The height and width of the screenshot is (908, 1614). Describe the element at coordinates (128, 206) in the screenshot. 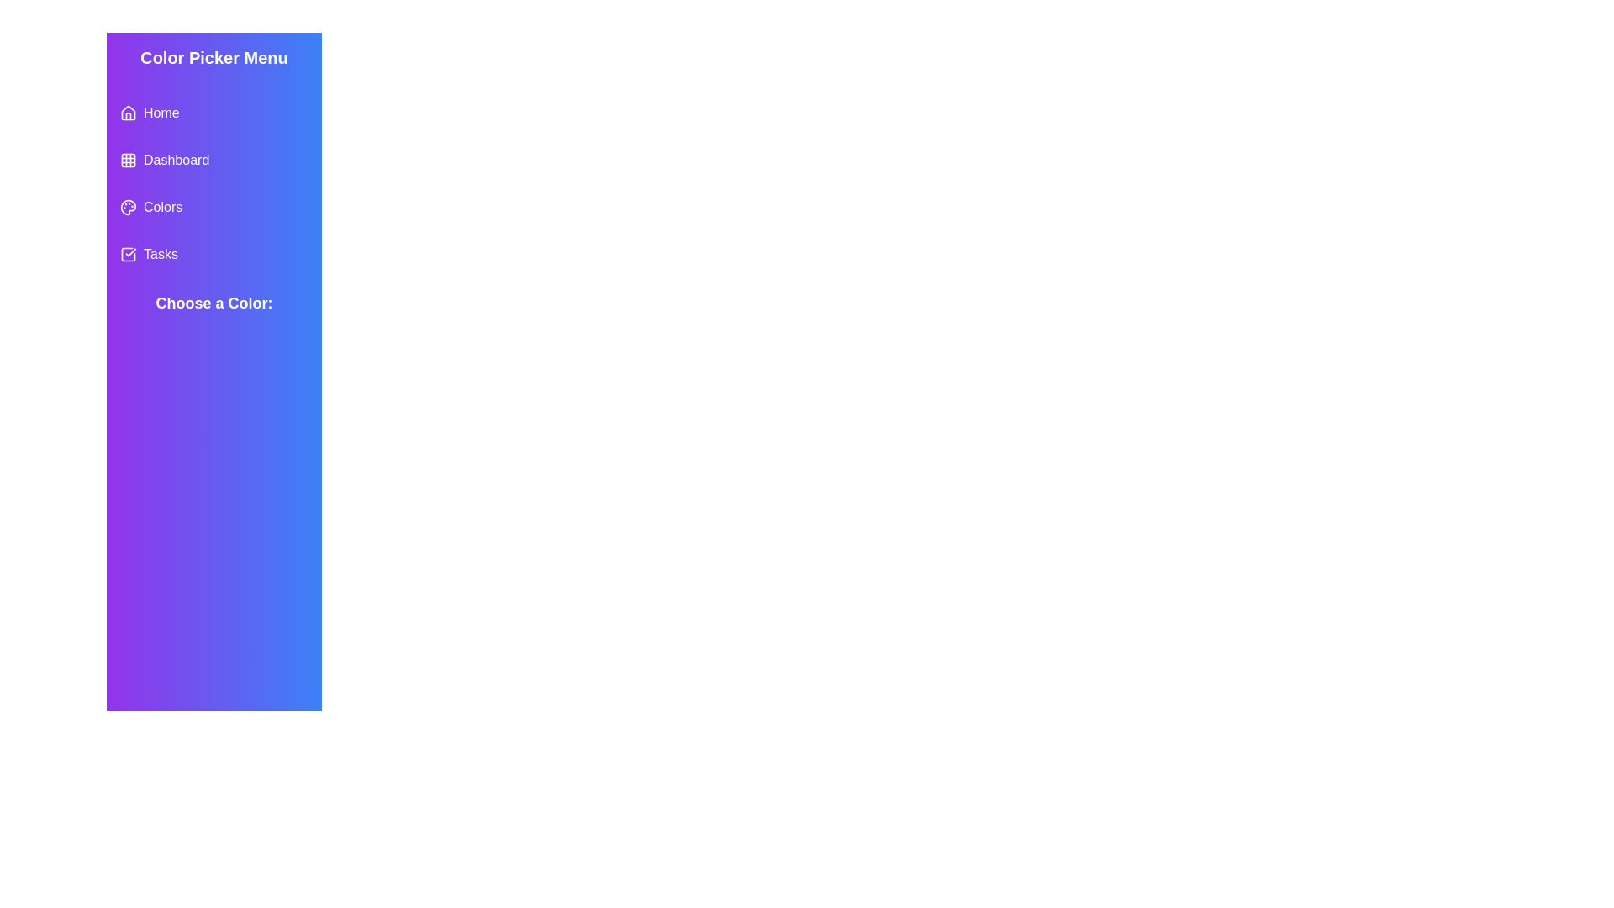

I see `the 'Colors' icon located on the left sidebar, positioned between 'Dashboard' and 'Tasks'` at that location.